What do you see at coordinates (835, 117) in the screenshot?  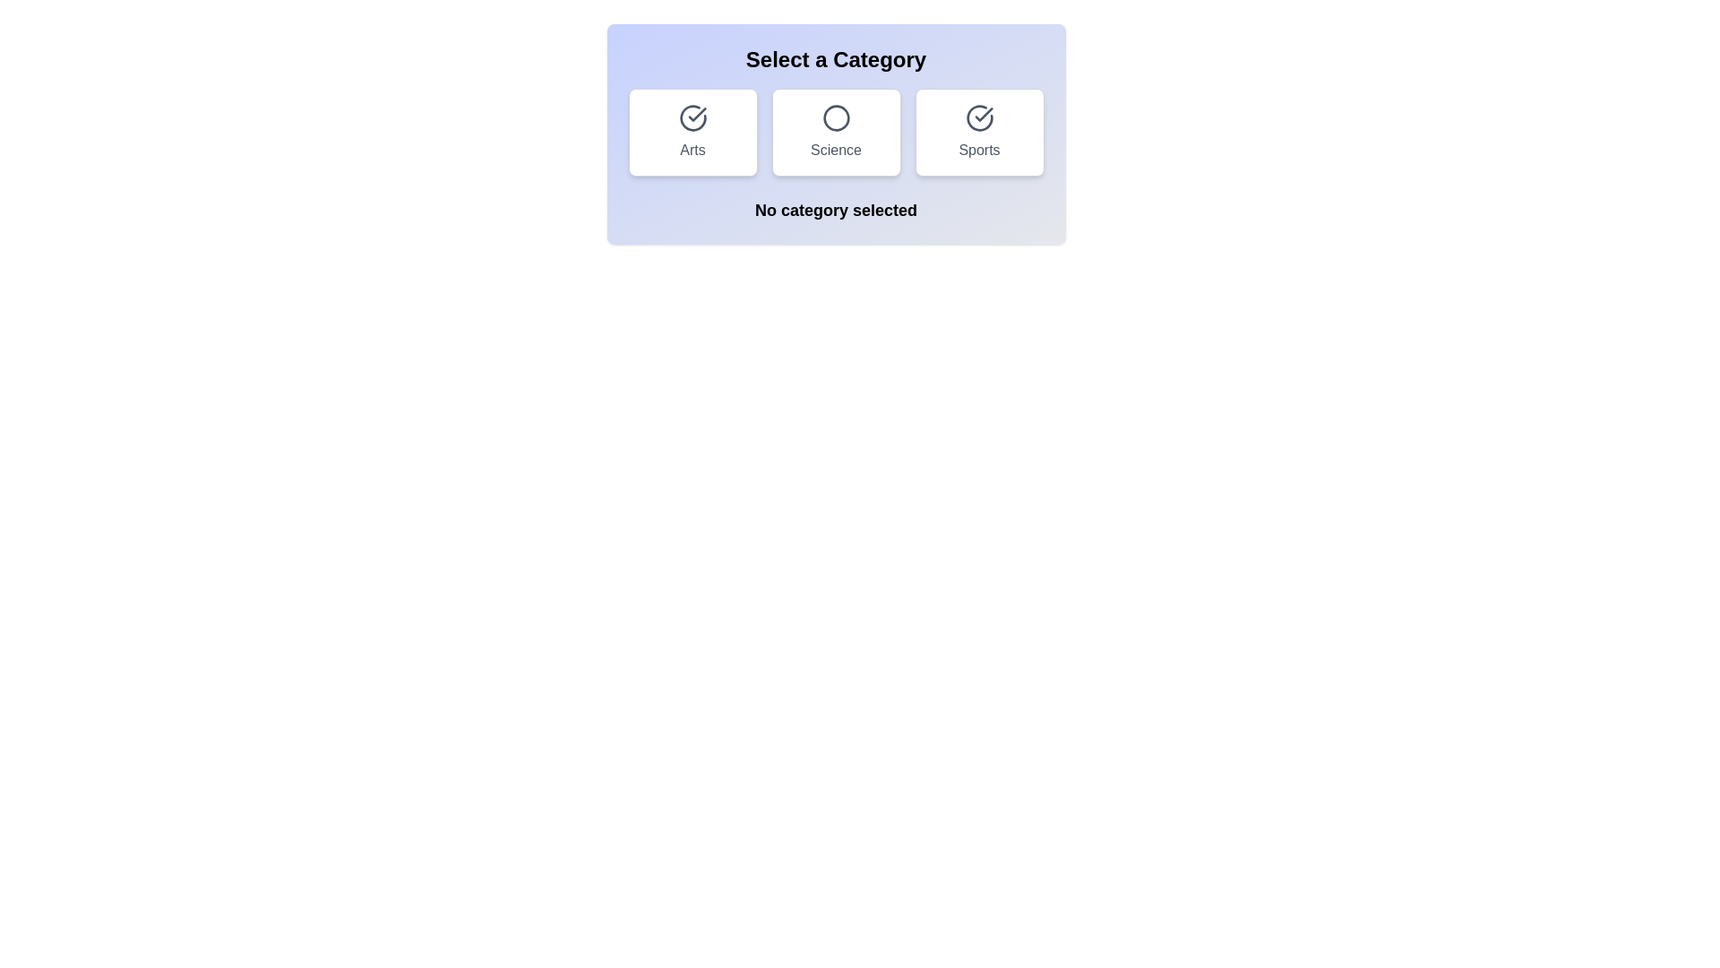 I see `the circular icon with a two-tone design located in the center of the 'Science' card` at bounding box center [835, 117].